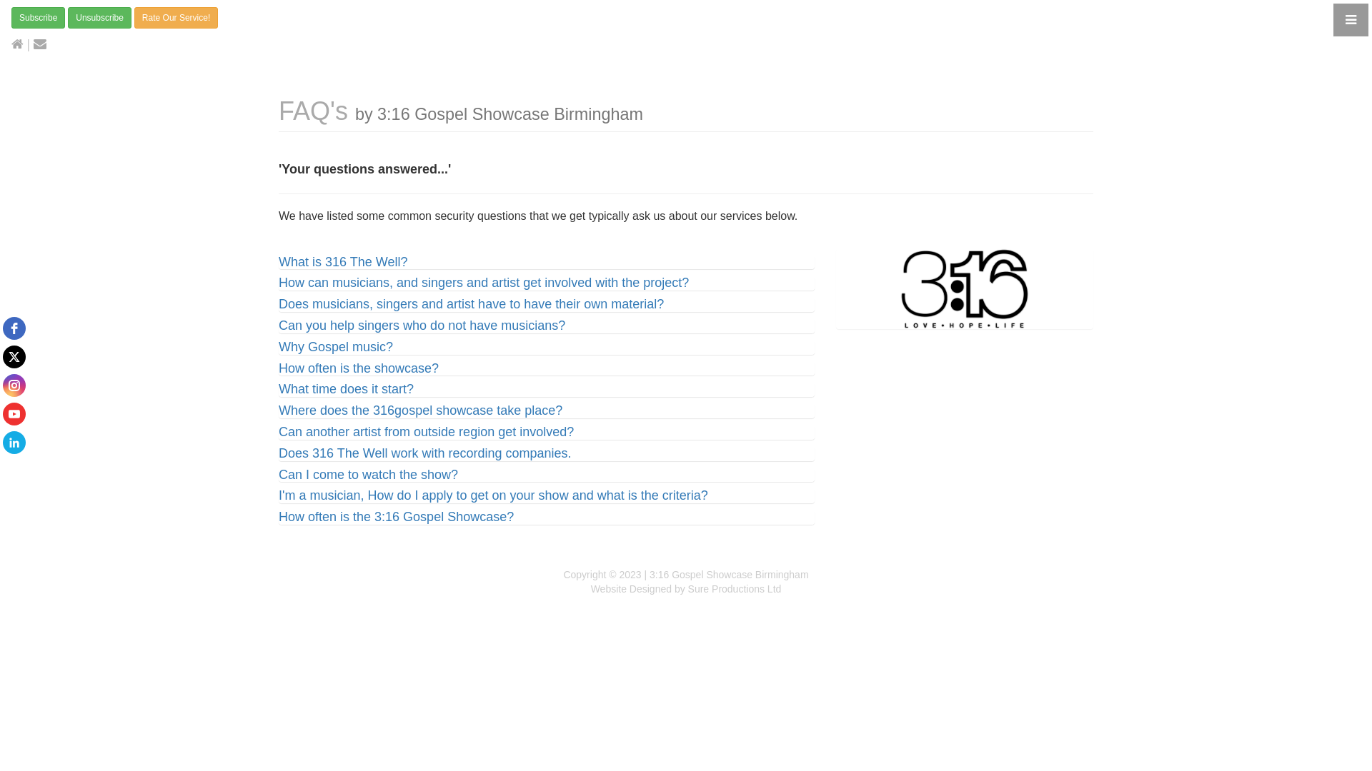 The width and height of the screenshot is (1372, 771). Describe the element at coordinates (343, 261) in the screenshot. I see `'What is 316 The Well?'` at that location.